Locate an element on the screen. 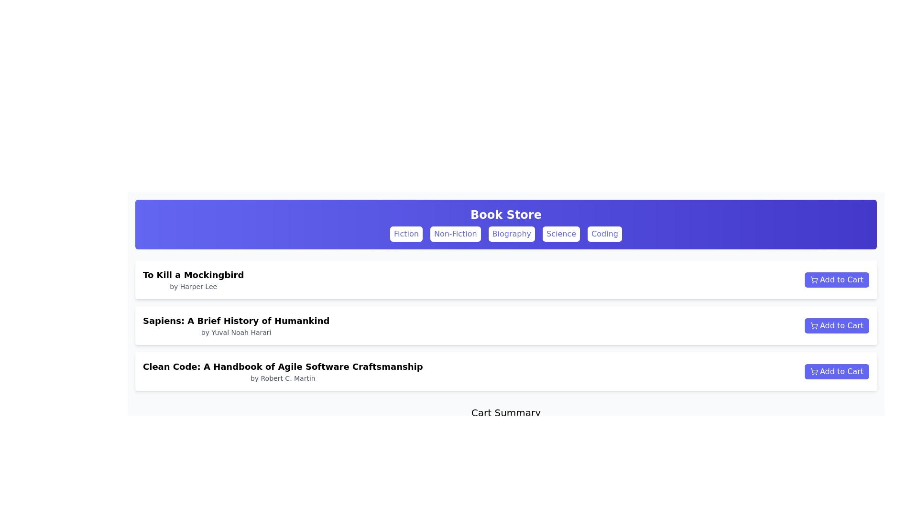 The width and height of the screenshot is (918, 516). the graphical icon resembling a shopping cart, which is part of the 'Add to Cart' functionality located adjacent to the first book item in the list is located at coordinates (813, 279).